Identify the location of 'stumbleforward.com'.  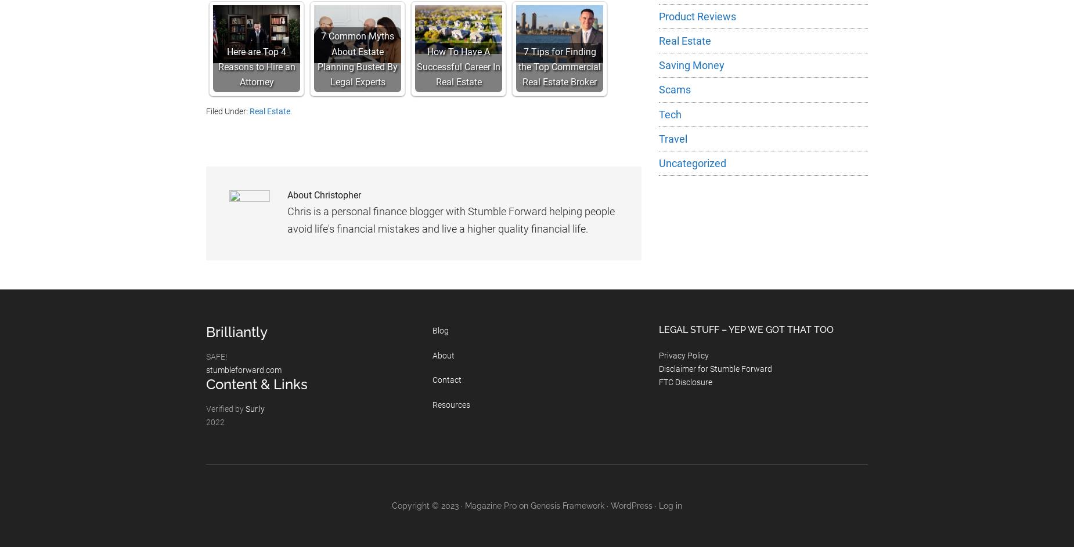
(243, 369).